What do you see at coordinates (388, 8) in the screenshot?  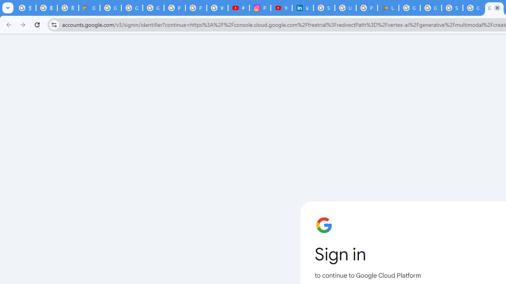 I see `'Last Shelter: Survival - Apps on Google Play'` at bounding box center [388, 8].